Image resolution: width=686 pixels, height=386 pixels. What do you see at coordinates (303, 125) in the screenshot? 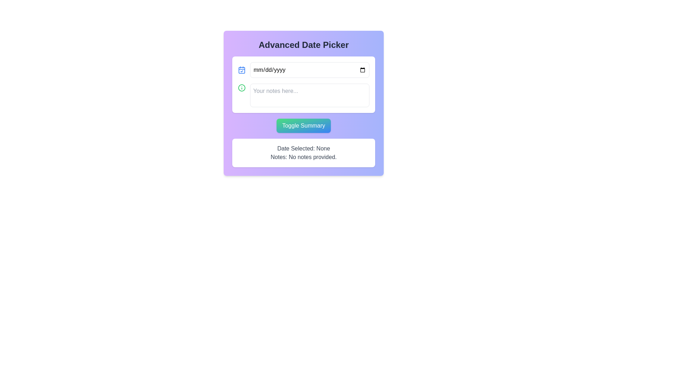
I see `the button located in the 'Advanced Date Picker' panel` at bounding box center [303, 125].